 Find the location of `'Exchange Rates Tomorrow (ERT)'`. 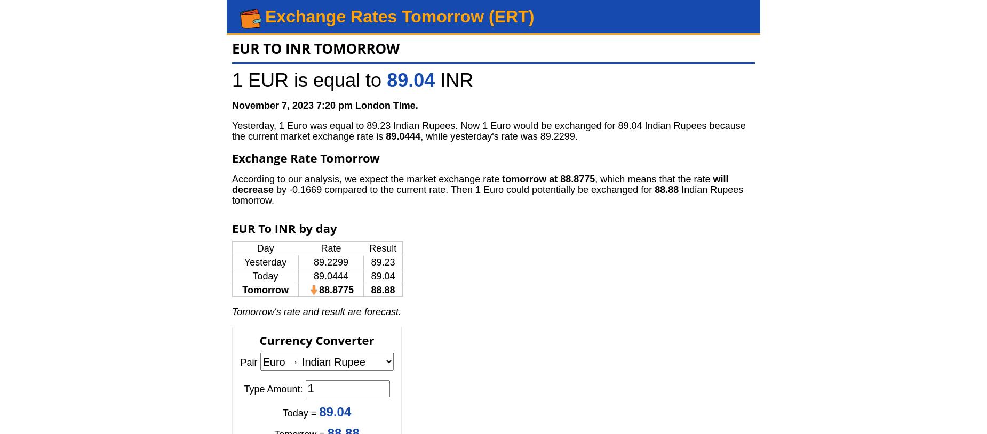

'Exchange Rates Tomorrow (ERT)' is located at coordinates (265, 16).